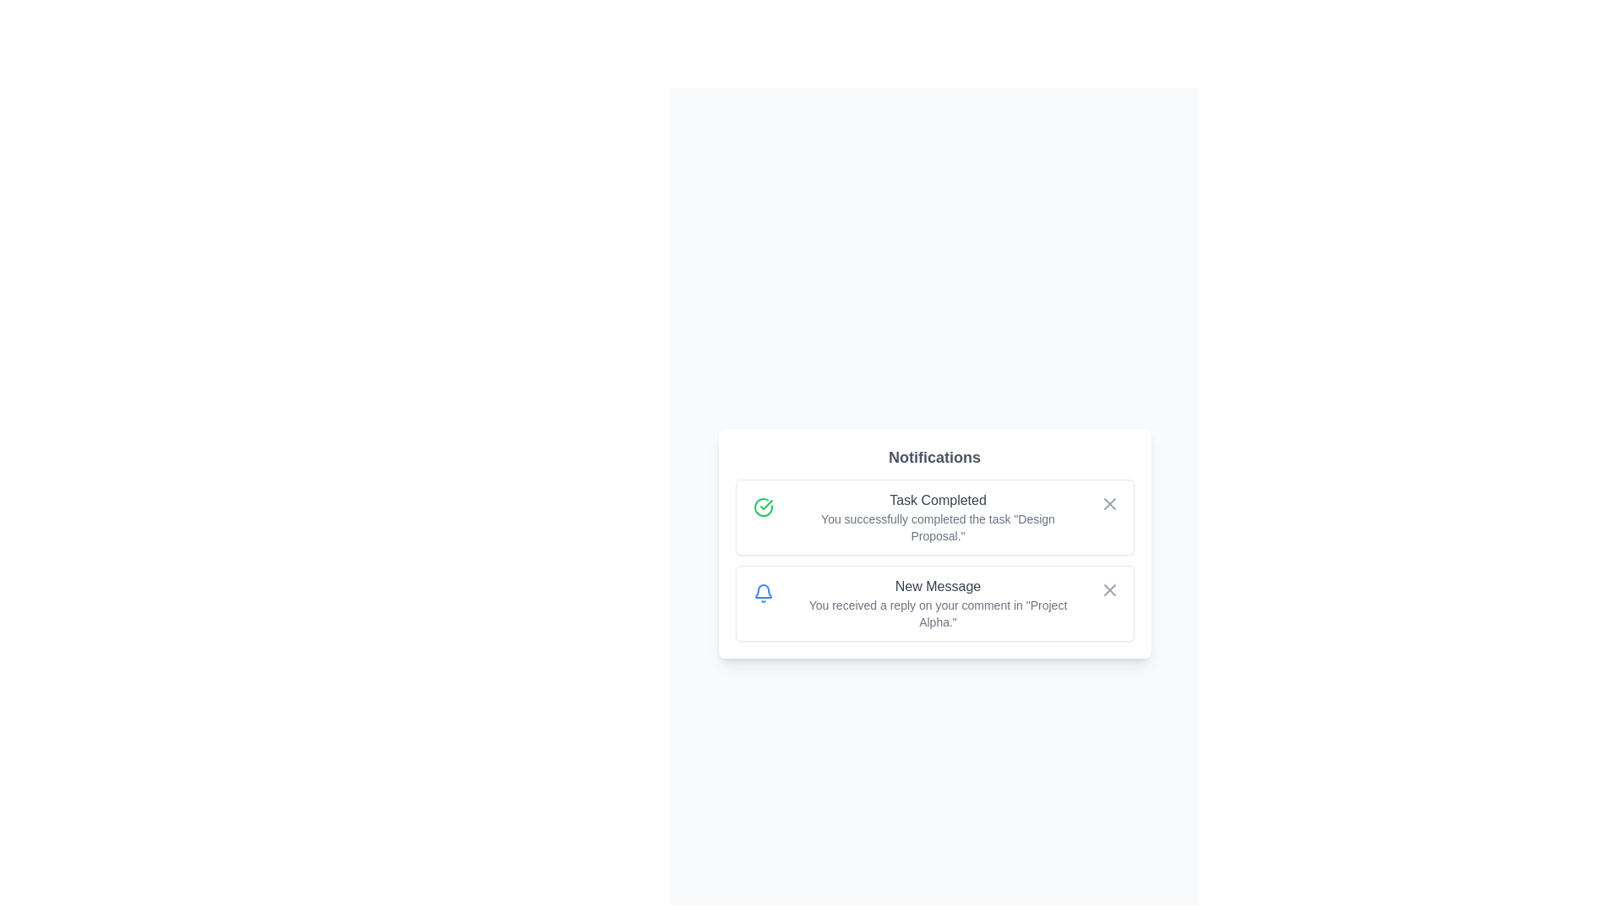 The width and height of the screenshot is (1622, 912). Describe the element at coordinates (1109, 503) in the screenshot. I see `the close button of the notification with title Task Completed` at that location.